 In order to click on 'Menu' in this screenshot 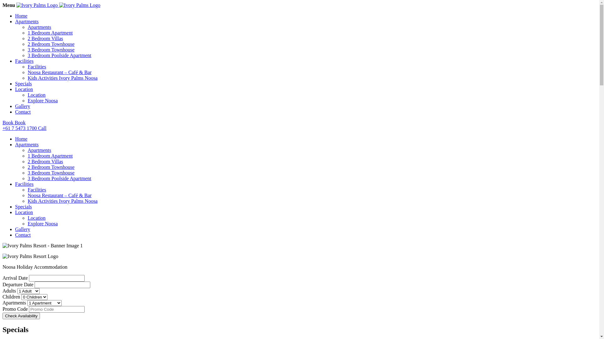, I will do `click(9, 5)`.